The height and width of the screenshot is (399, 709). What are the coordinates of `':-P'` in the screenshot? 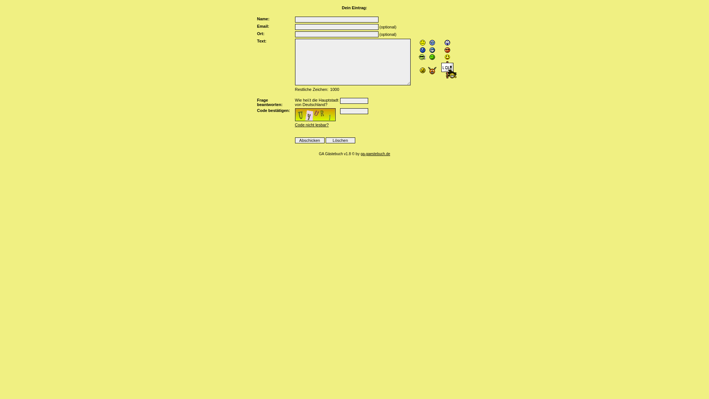 It's located at (422, 42).